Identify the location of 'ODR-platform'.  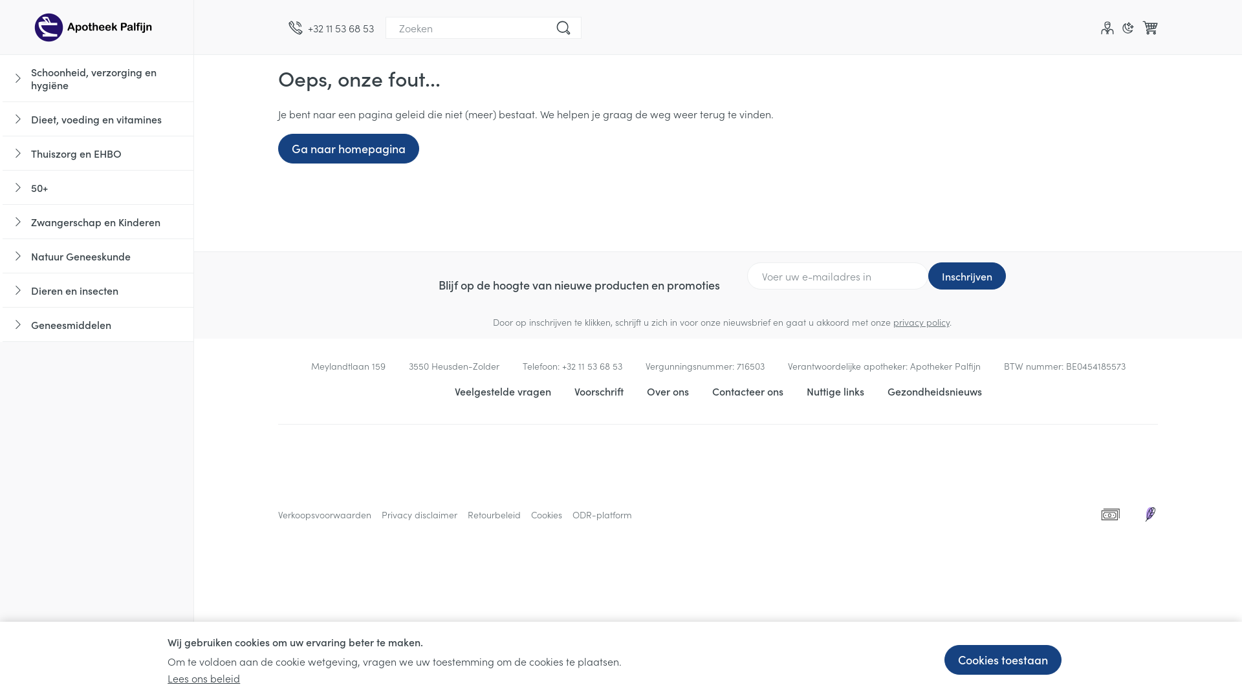
(571, 513).